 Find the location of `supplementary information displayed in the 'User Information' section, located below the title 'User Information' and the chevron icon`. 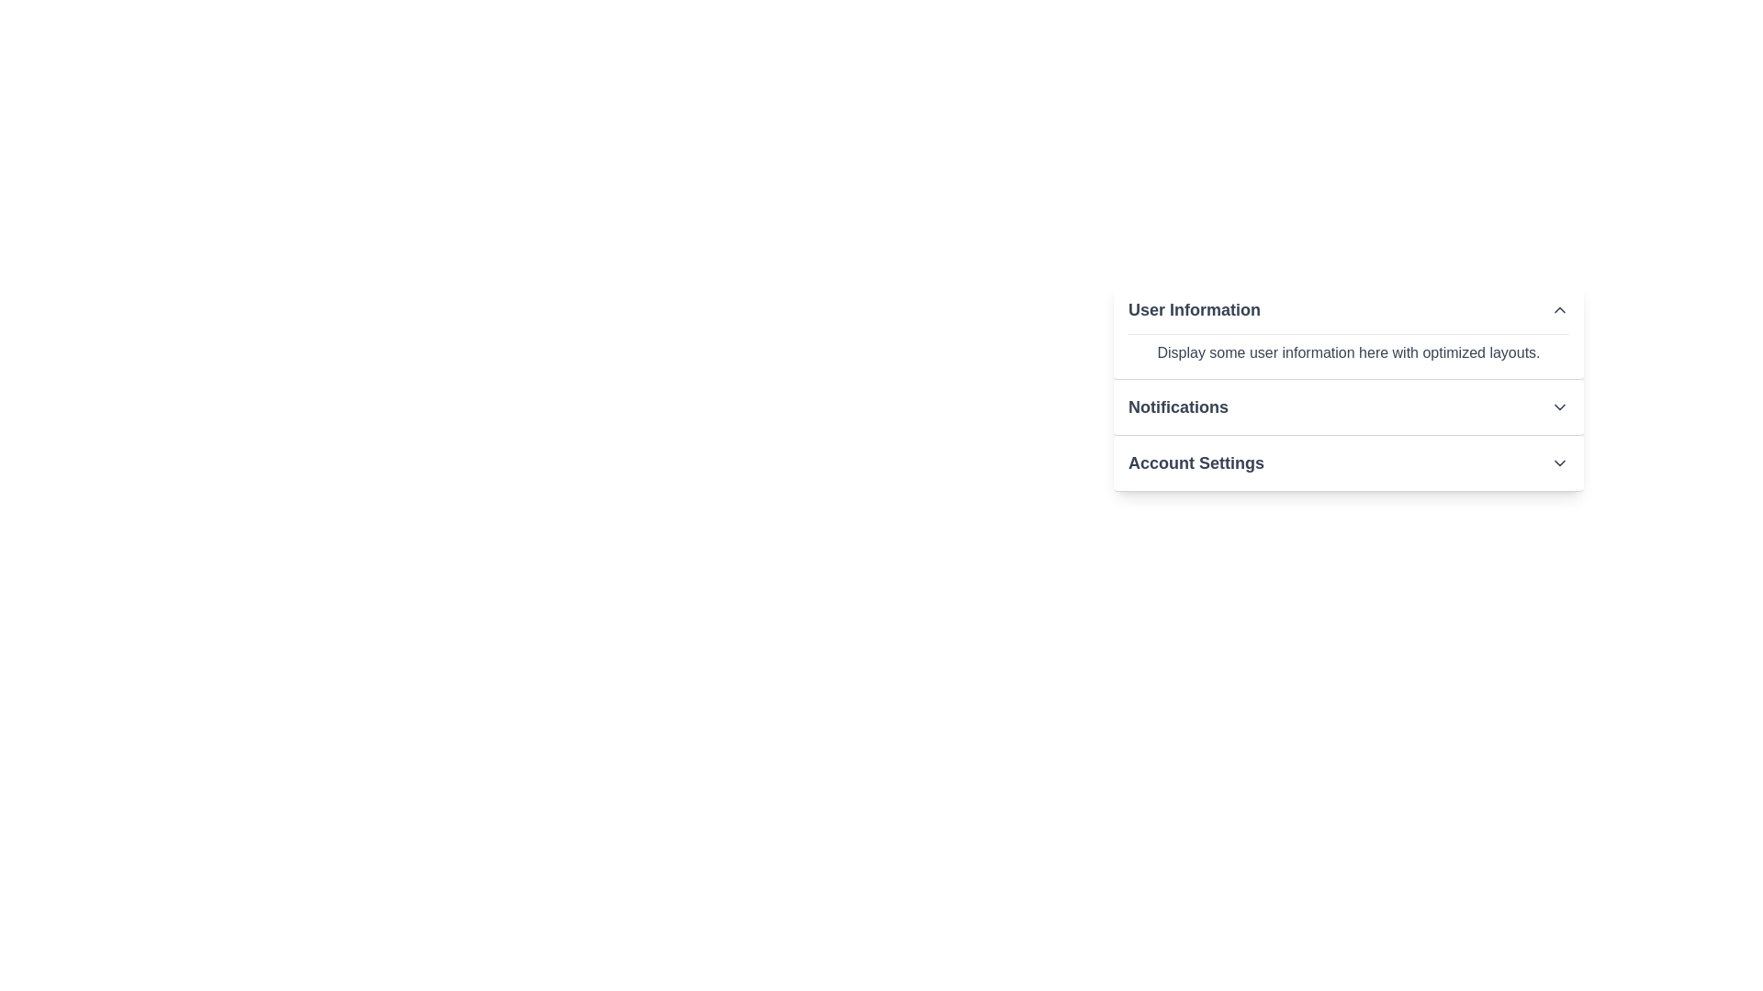

supplementary information displayed in the 'User Information' section, located below the title 'User Information' and the chevron icon is located at coordinates (1348, 349).